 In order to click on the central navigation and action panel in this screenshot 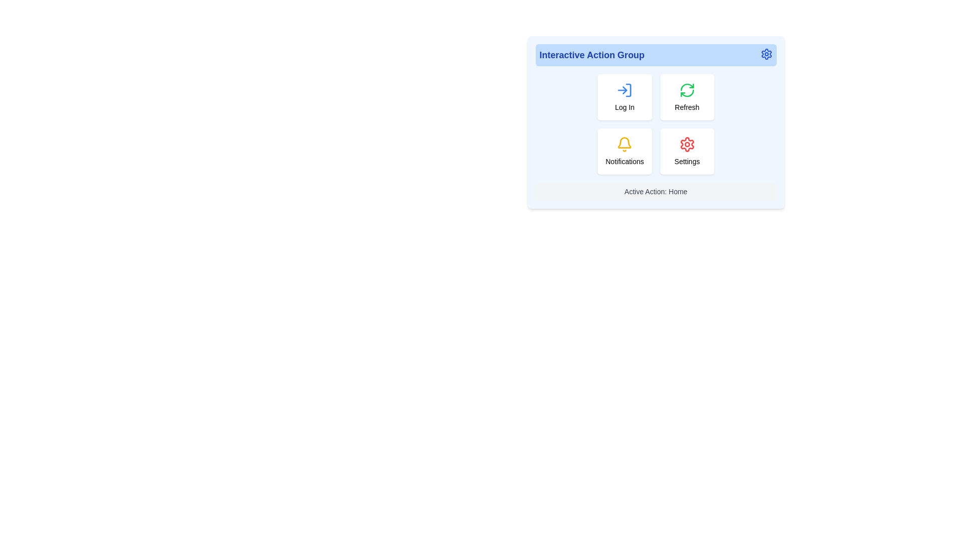, I will do `click(656, 121)`.